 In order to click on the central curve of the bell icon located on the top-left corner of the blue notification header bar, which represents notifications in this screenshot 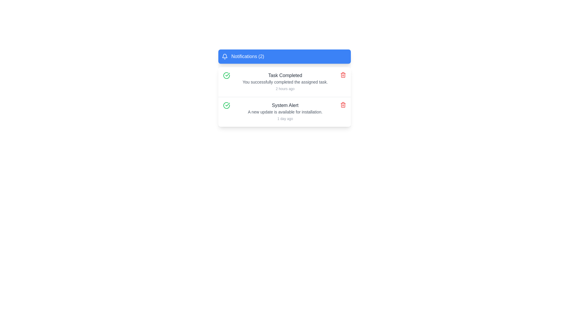, I will do `click(224, 56)`.